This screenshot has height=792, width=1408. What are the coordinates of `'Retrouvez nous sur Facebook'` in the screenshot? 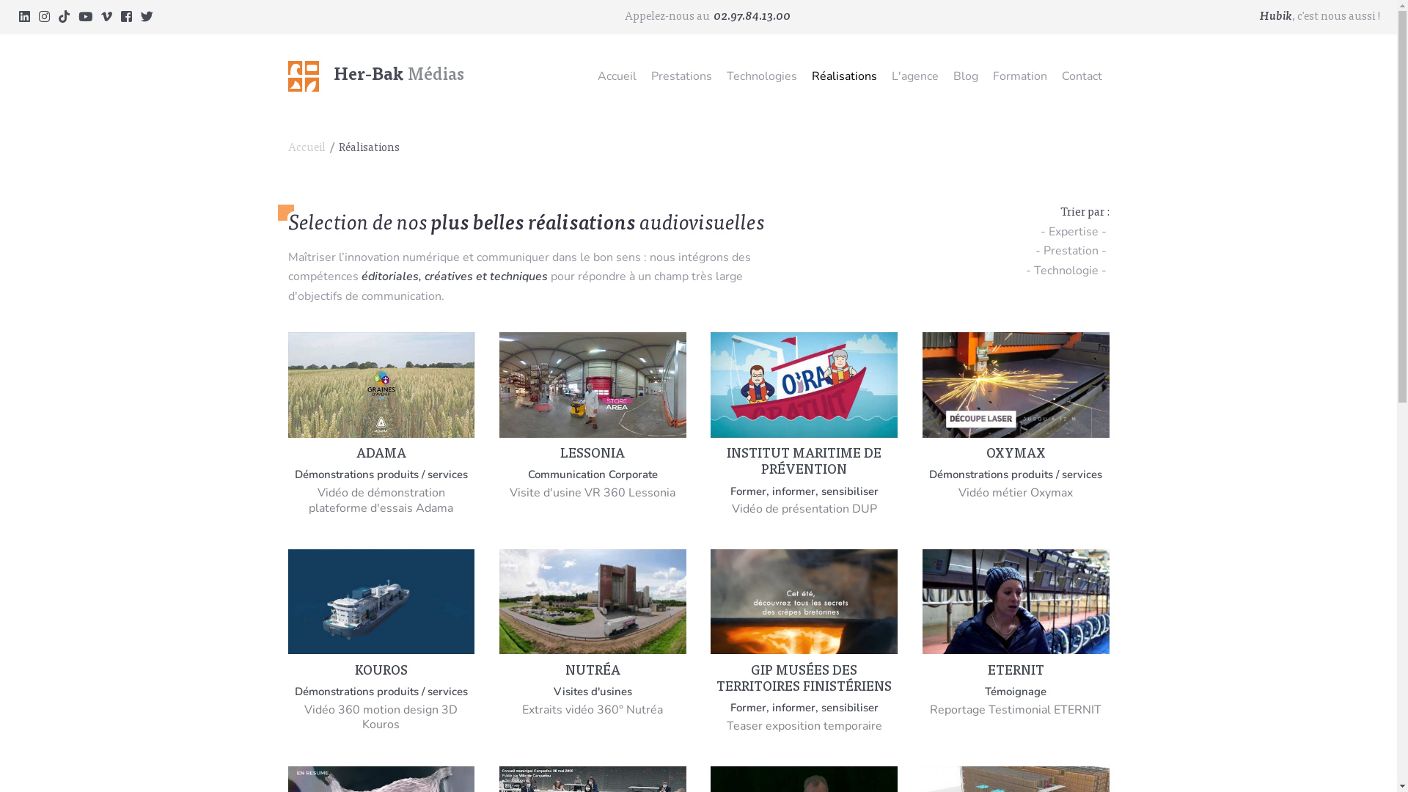 It's located at (126, 16).